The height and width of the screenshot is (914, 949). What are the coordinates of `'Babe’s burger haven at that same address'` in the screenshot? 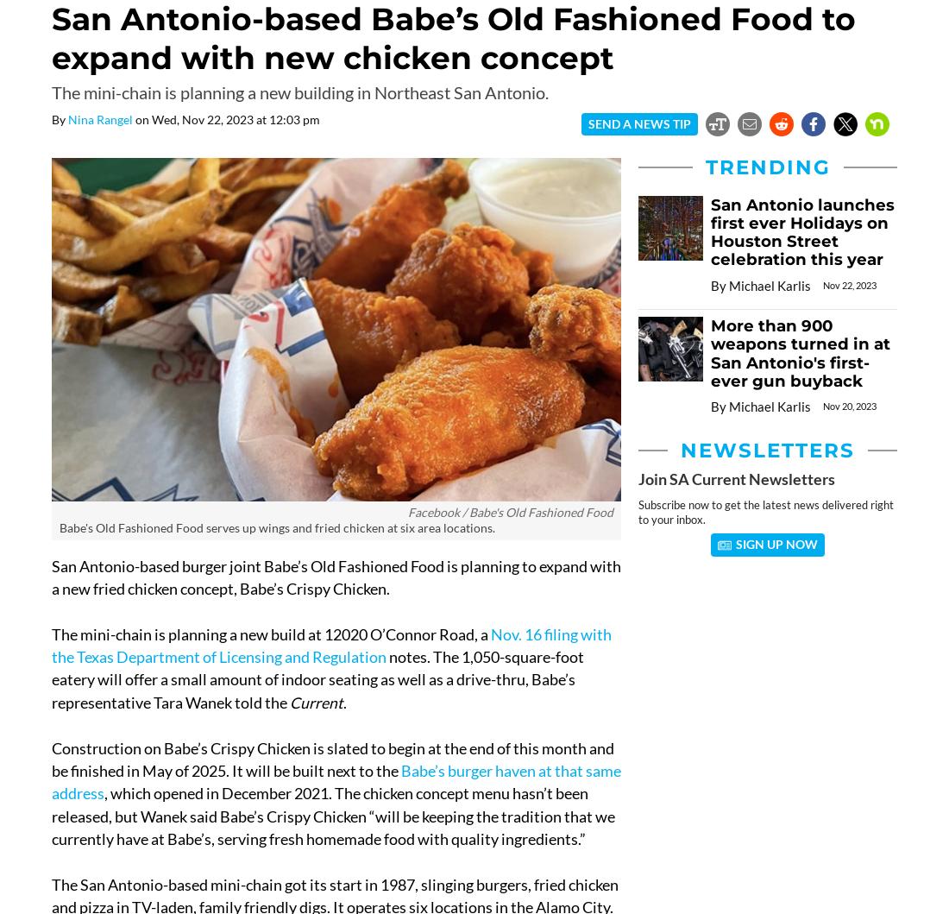 It's located at (336, 782).